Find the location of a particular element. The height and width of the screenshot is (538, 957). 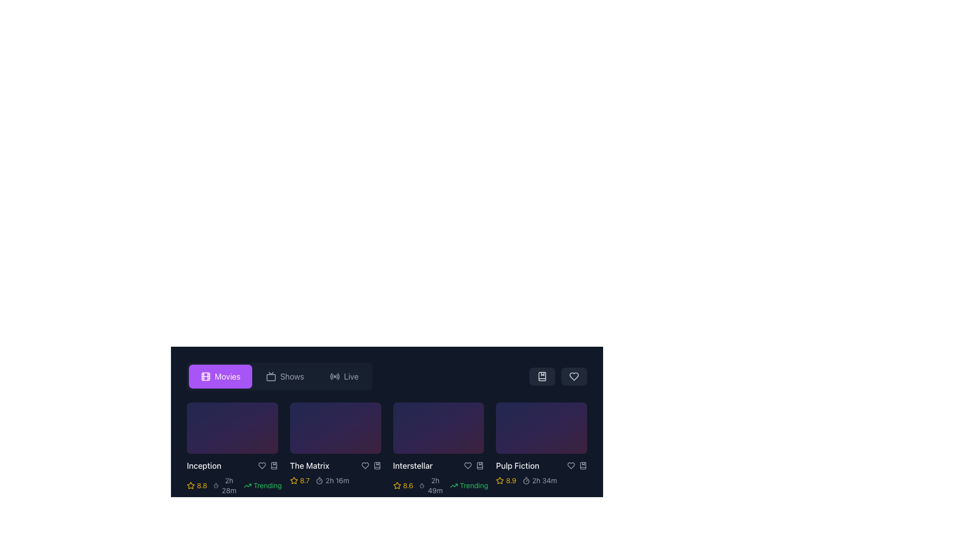

the circular stopwatch icon located next to the text '2h 34m' in the bottom-right corner of the 'Pulp Fiction' movie card is located at coordinates (525, 480).